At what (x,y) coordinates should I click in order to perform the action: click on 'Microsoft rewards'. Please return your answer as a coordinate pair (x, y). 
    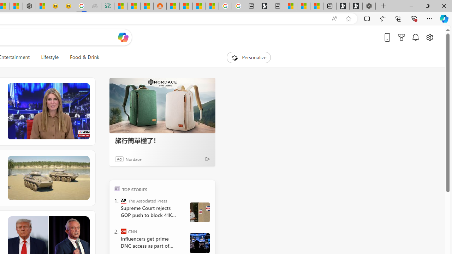
    Looking at the image, I should click on (402, 37).